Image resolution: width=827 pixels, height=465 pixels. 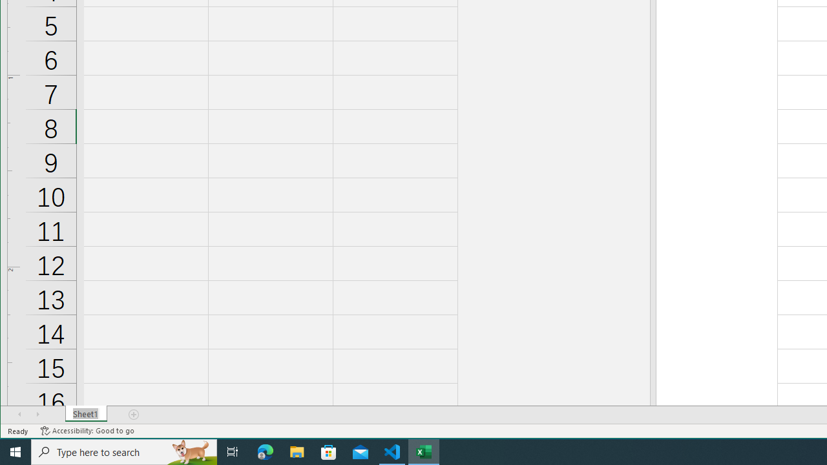 I want to click on 'Type here to search', so click(x=124, y=451).